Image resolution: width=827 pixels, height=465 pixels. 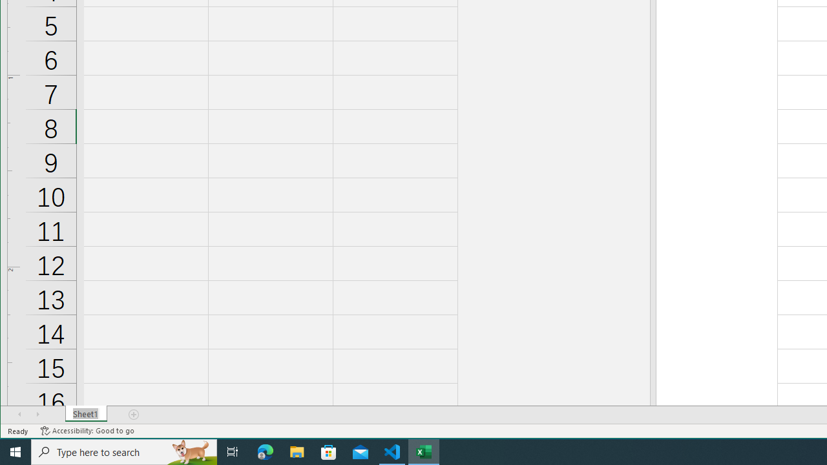 I want to click on 'Type here to search', so click(x=124, y=451).